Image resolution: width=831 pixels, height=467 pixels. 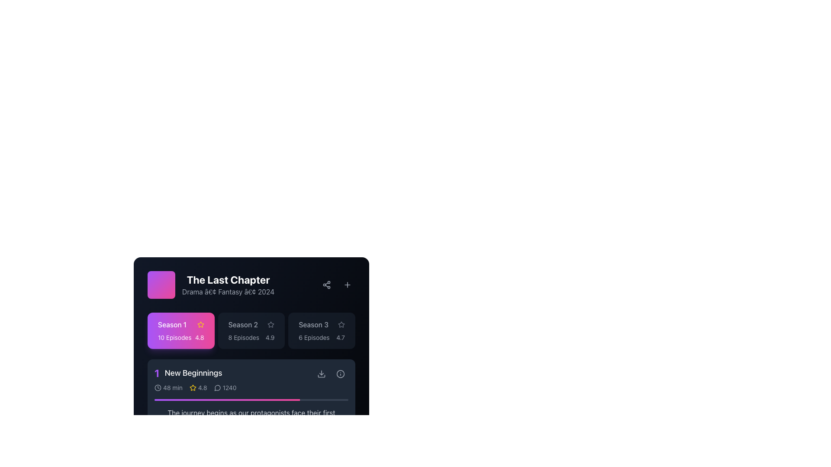 I want to click on text content of the text label displaying 'Season 3', which is styled in mid-tone white and is the third item in a horizontal layout of season indicators, so click(x=313, y=325).